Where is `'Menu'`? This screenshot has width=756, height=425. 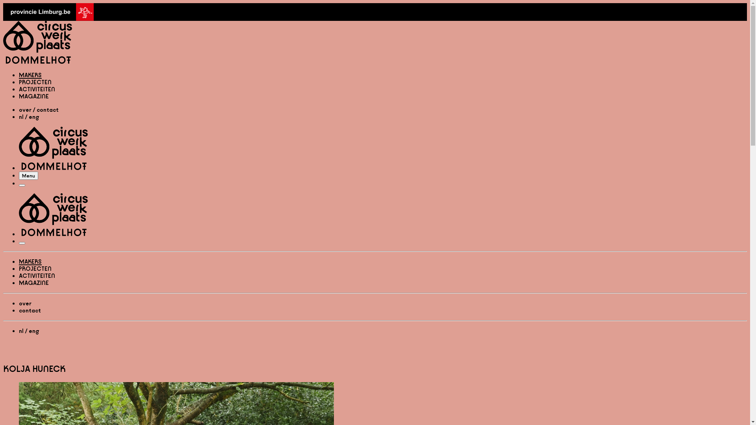 'Menu' is located at coordinates (28, 175).